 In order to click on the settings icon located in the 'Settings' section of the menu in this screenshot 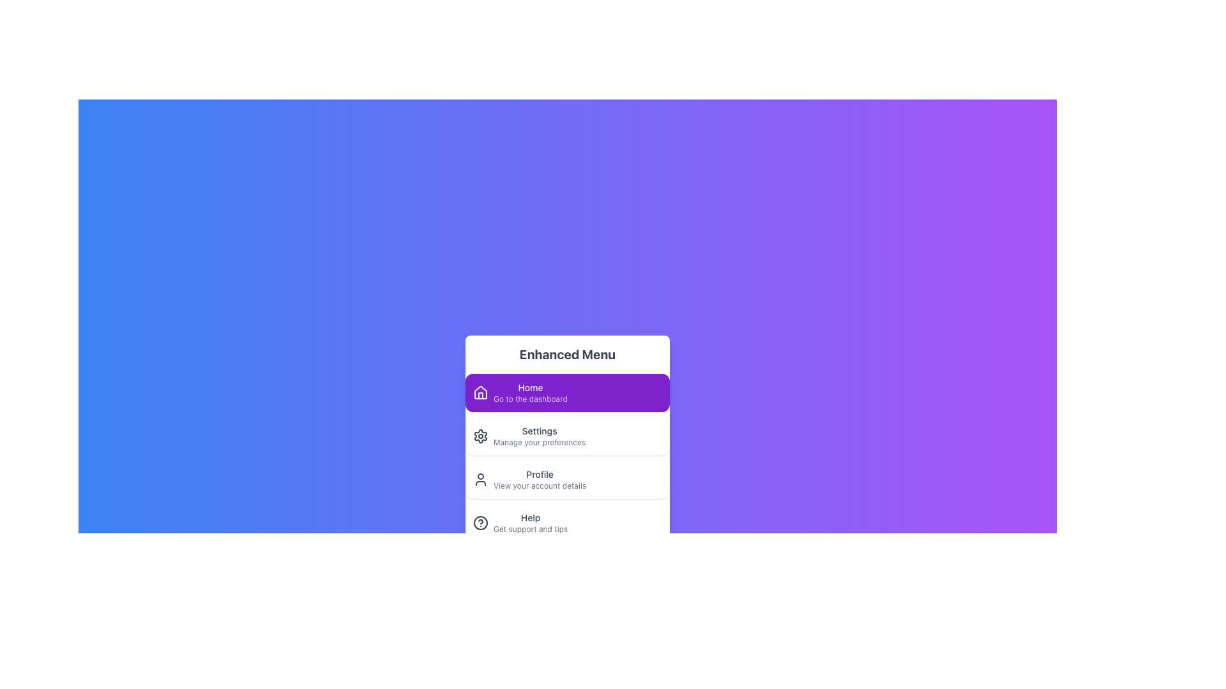, I will do `click(480, 435)`.